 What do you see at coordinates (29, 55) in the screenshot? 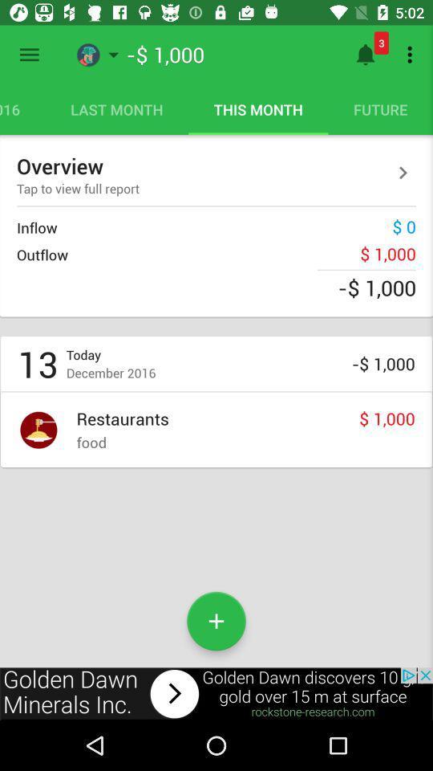
I see `menu options to select` at bounding box center [29, 55].